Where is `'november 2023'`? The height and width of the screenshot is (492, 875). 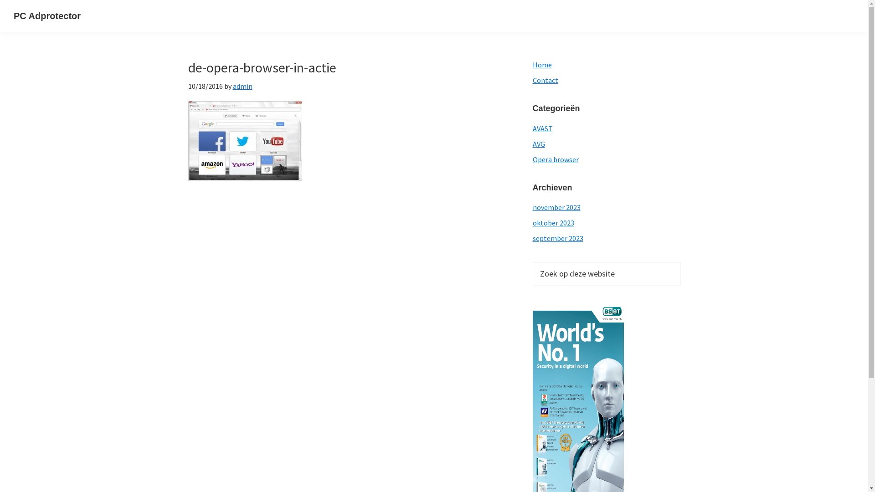
'november 2023' is located at coordinates (556, 207).